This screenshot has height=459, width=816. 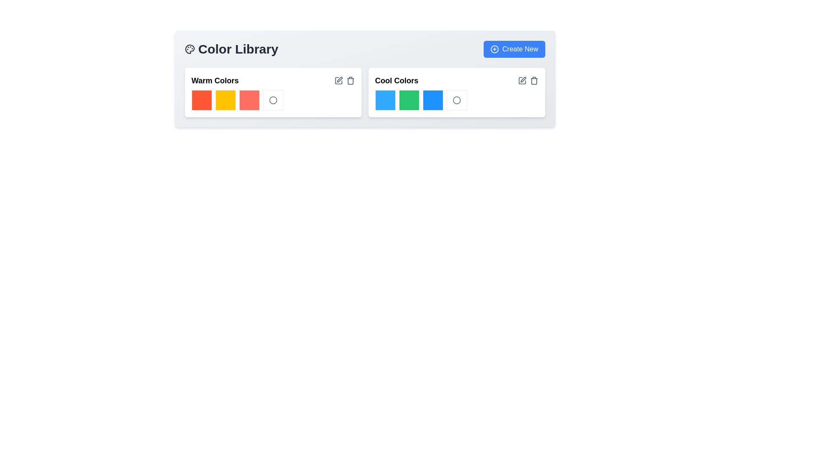 What do you see at coordinates (409, 99) in the screenshot?
I see `the second color swatch` at bounding box center [409, 99].